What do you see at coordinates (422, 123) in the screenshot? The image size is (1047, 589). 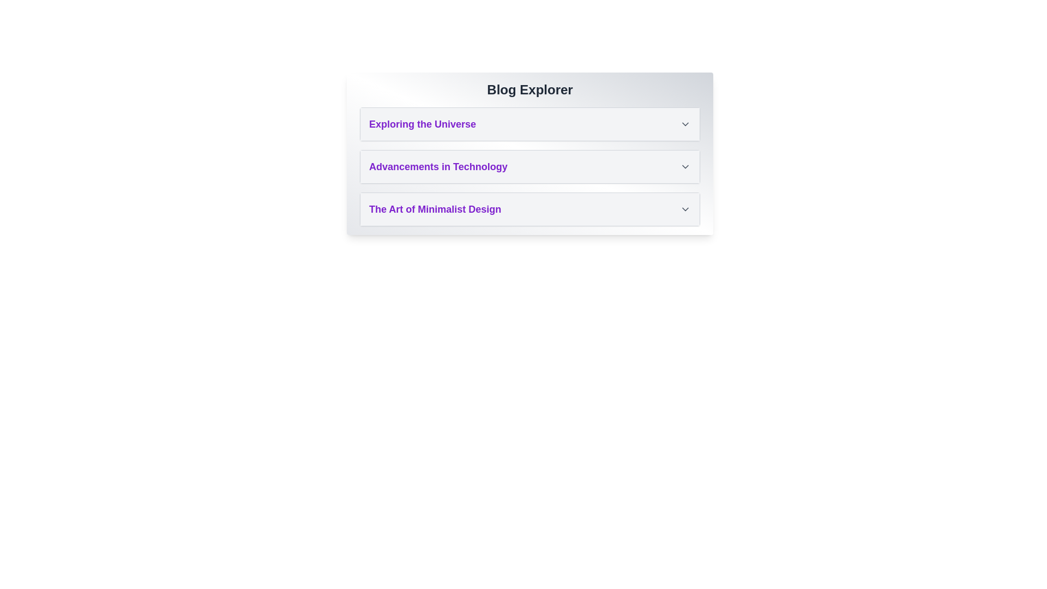 I see `the Static Text header of the expandable section in the Blog Explorer menu` at bounding box center [422, 123].